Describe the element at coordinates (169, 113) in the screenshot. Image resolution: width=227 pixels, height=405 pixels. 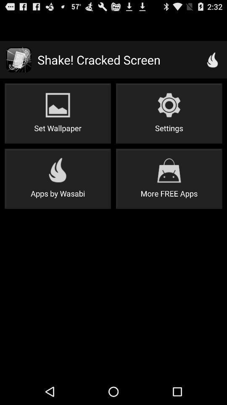
I see `icon above the more free apps item` at that location.